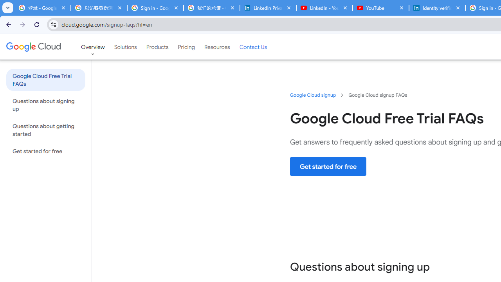  Describe the element at coordinates (436, 8) in the screenshot. I see `'Identity verification via Persona | LinkedIn Help'` at that location.